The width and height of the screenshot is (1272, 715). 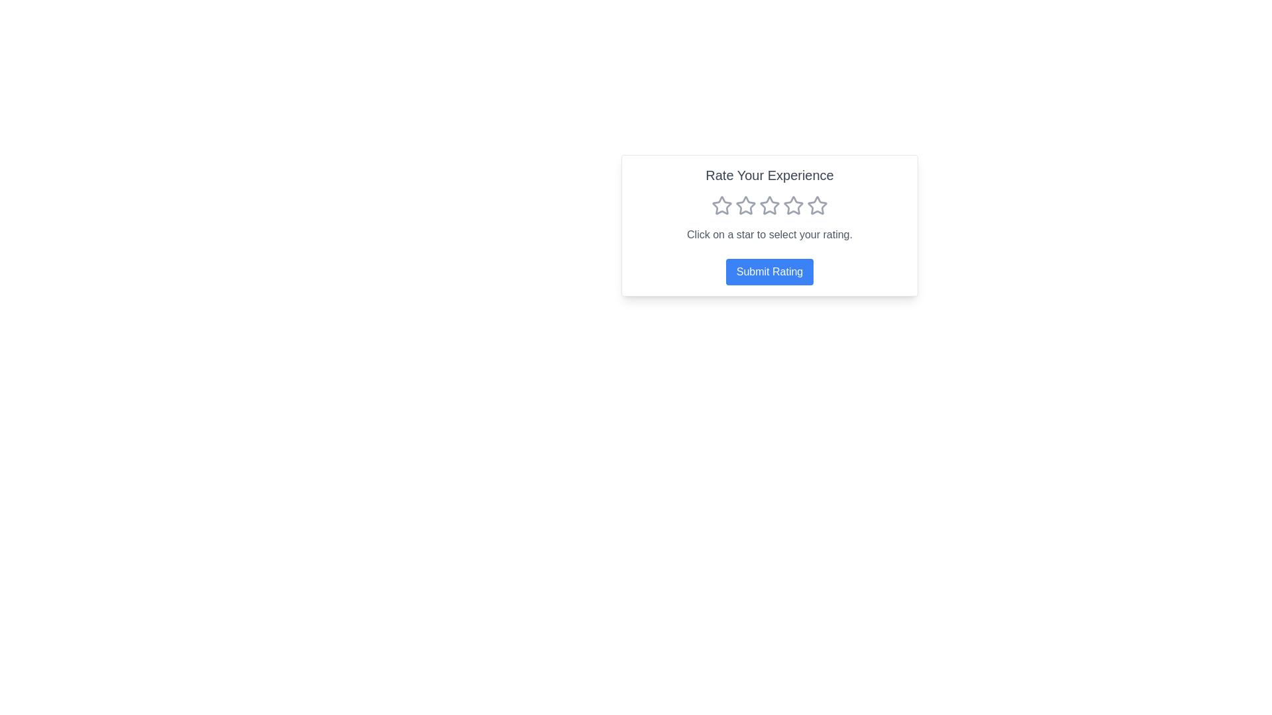 What do you see at coordinates (769, 271) in the screenshot?
I see `the blue button with rounded corners and bold white text reading 'Submit Rating'` at bounding box center [769, 271].